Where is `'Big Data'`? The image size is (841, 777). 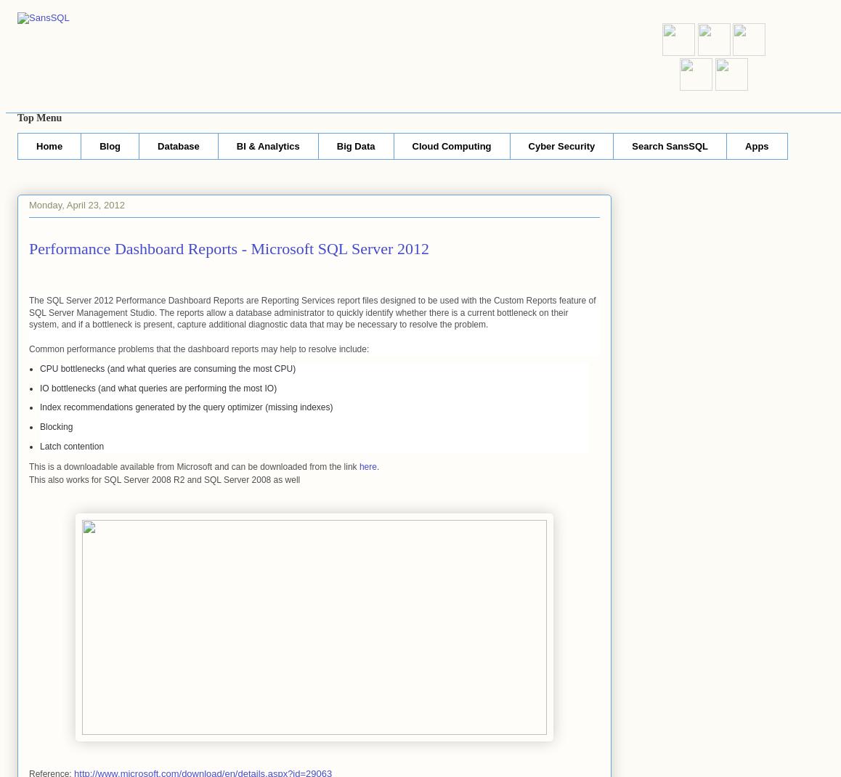
'Big Data' is located at coordinates (354, 145).